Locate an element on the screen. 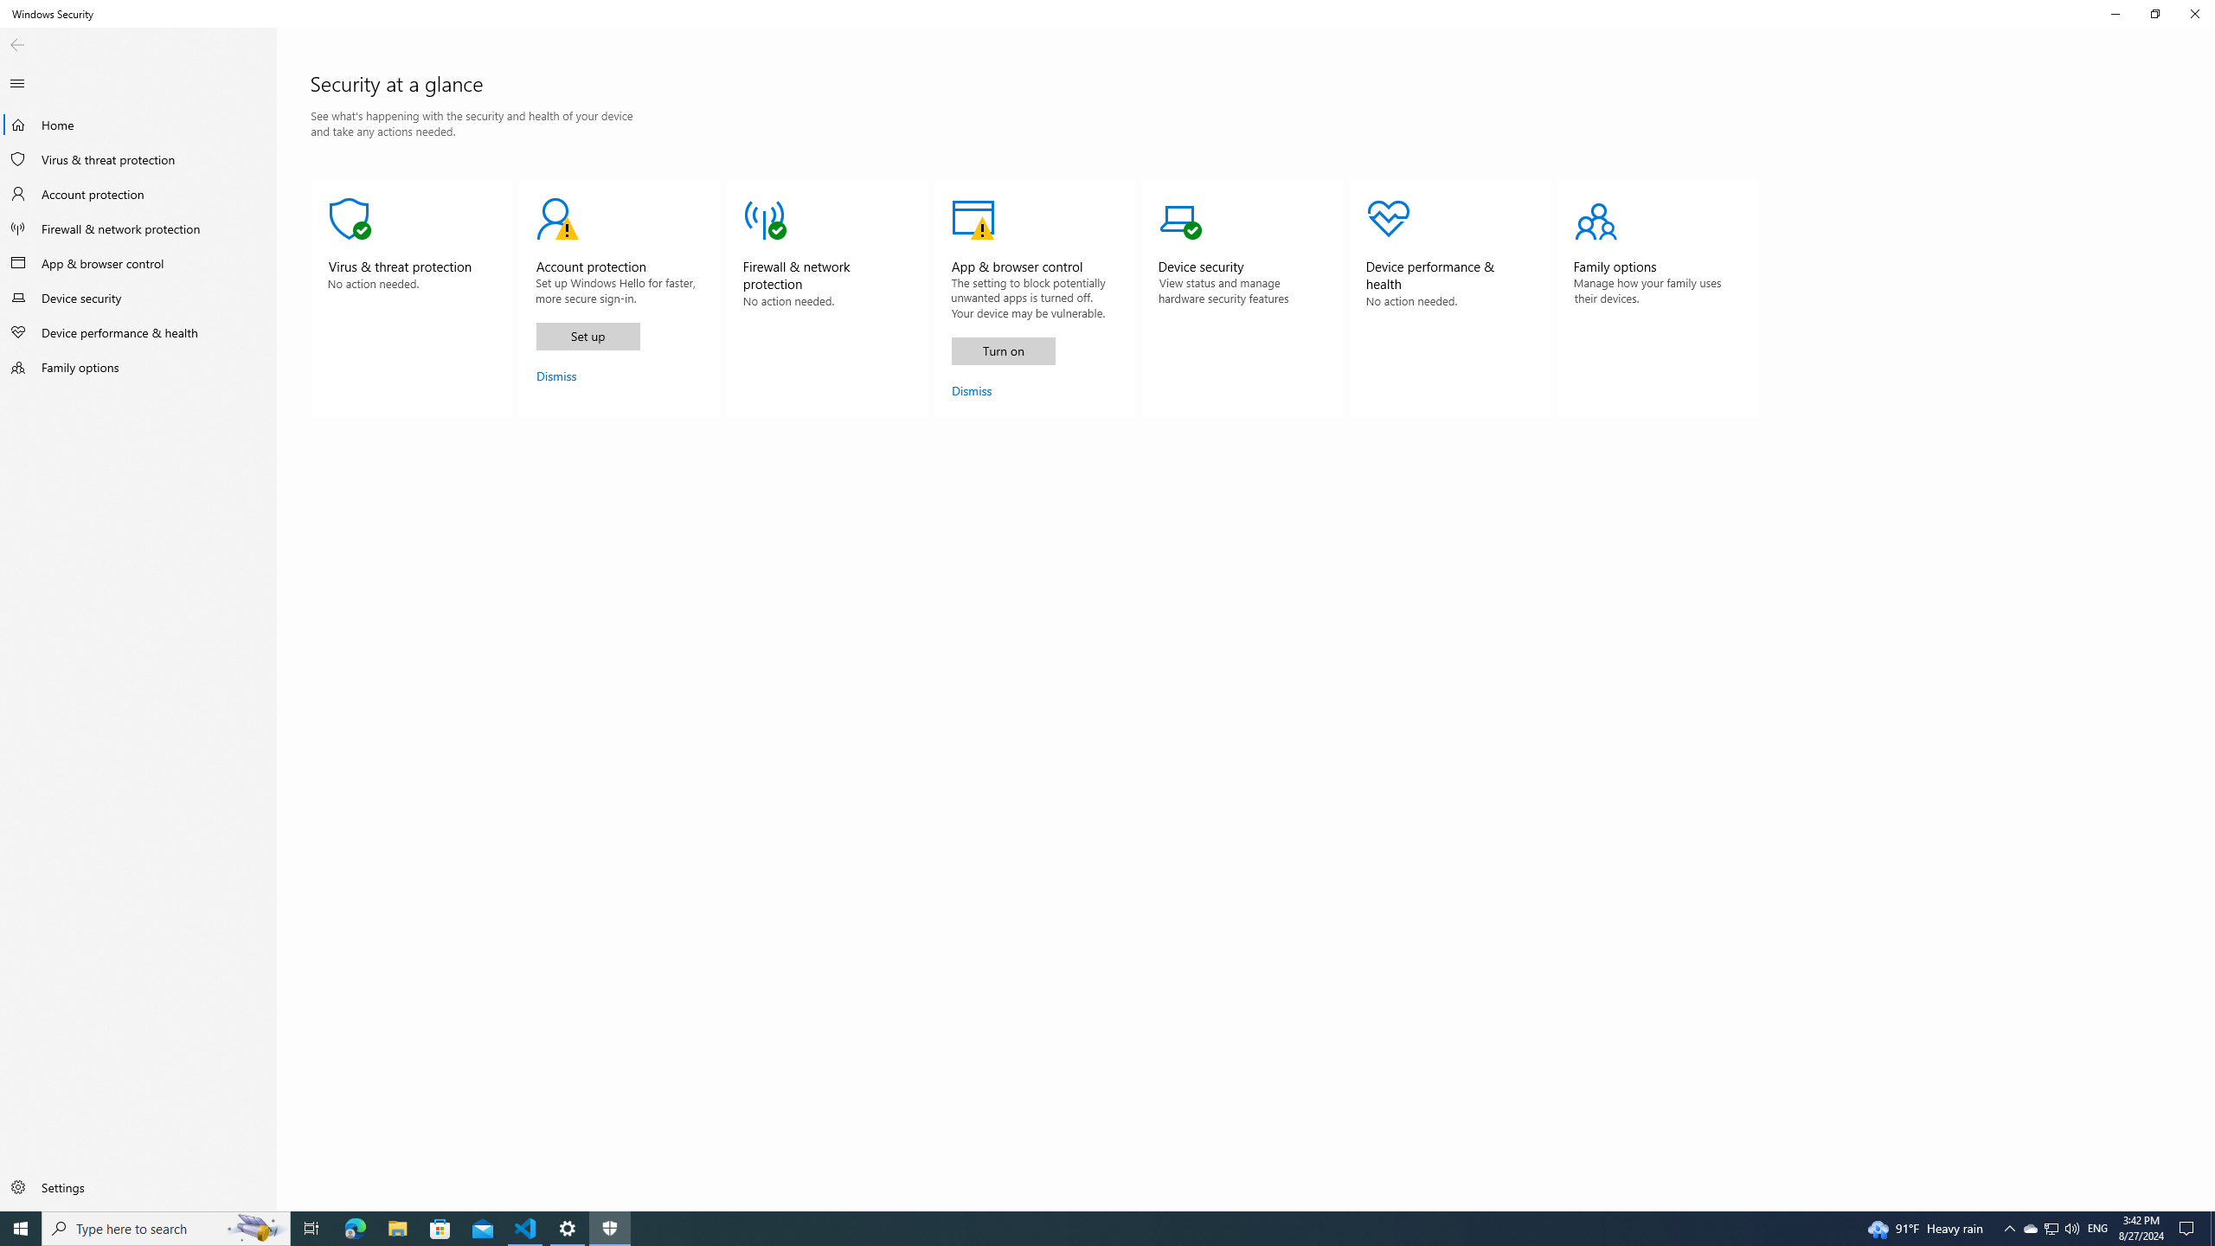 The height and width of the screenshot is (1246, 2215). 'Device securityNo action needed.' is located at coordinates (1242, 298).